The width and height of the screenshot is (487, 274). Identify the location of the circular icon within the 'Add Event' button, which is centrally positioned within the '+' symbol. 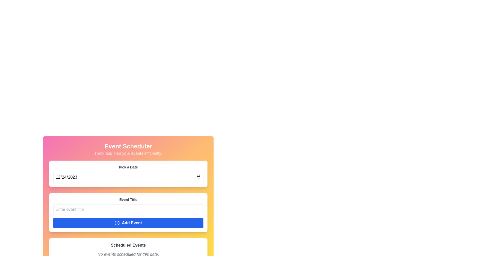
(117, 223).